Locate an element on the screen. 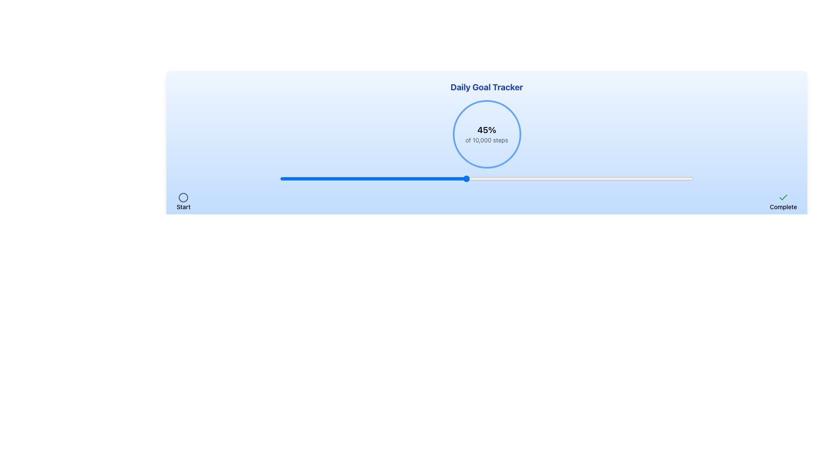 This screenshot has height=462, width=821. the slider value is located at coordinates (466, 178).